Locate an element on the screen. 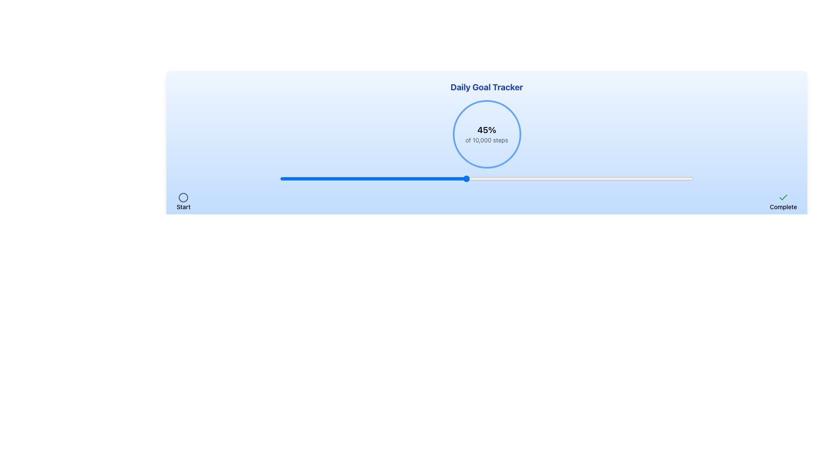 This screenshot has height=462, width=821. the slider value is located at coordinates (466, 178).